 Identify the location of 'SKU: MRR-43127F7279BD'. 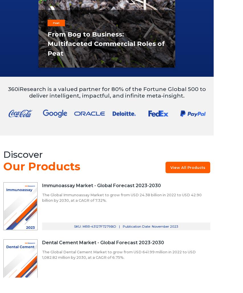
(95, 226).